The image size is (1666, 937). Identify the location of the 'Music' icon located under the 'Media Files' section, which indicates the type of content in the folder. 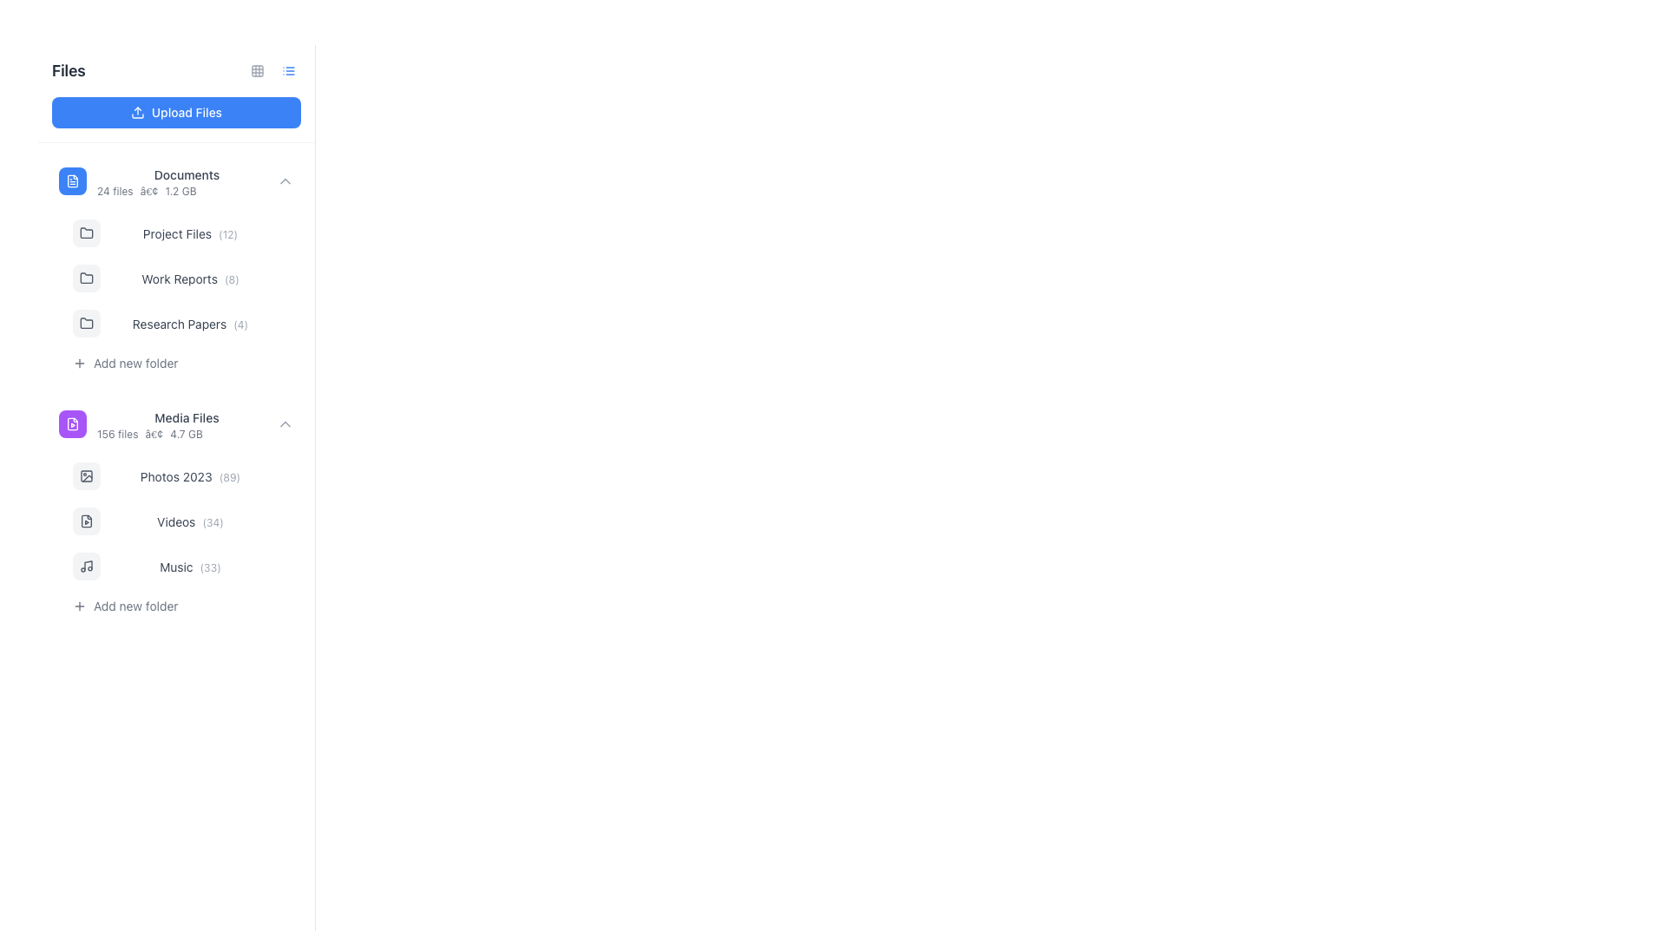
(86, 566).